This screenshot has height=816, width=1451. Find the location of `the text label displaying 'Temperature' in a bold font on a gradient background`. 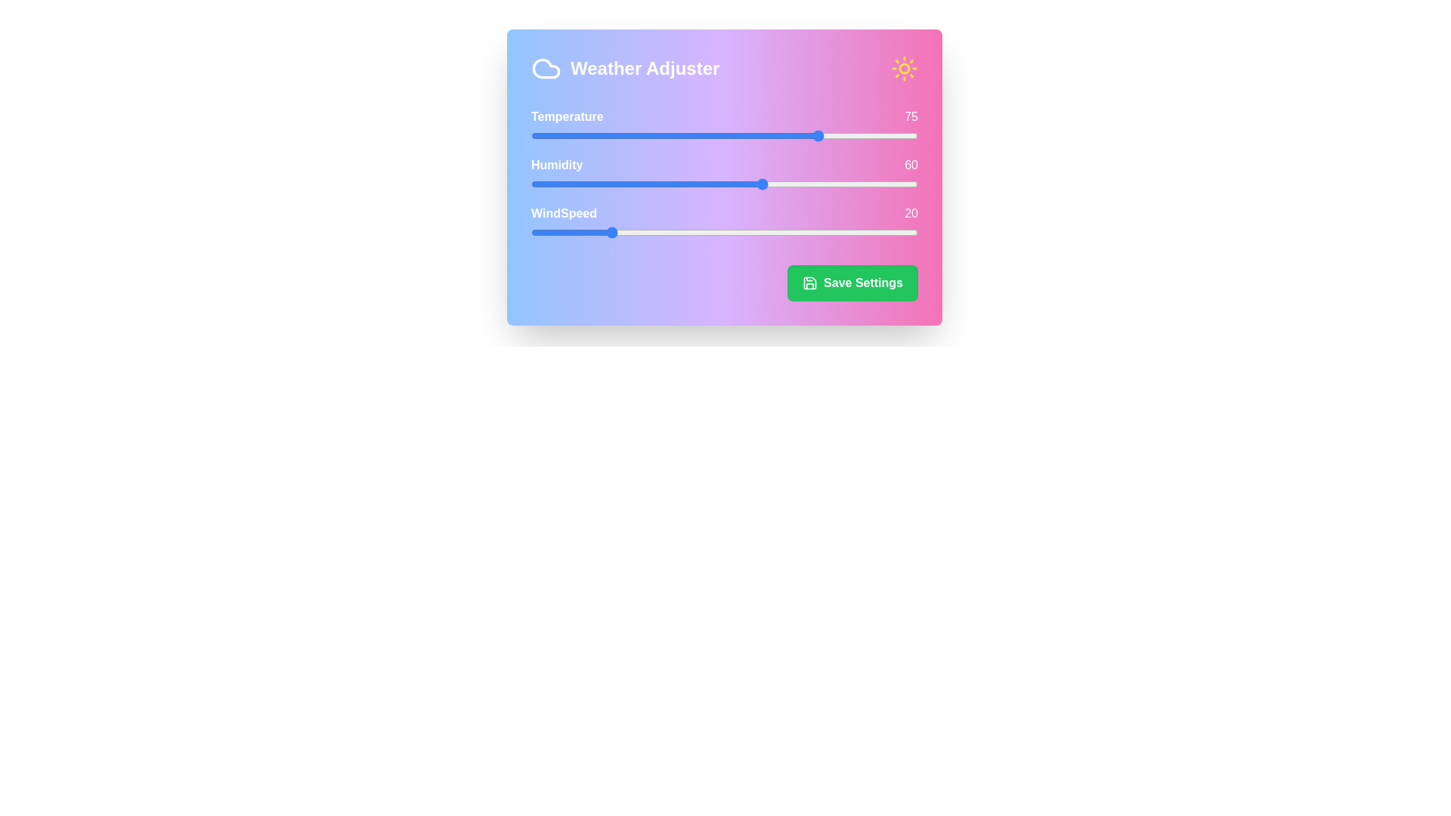

the text label displaying 'Temperature' in a bold font on a gradient background is located at coordinates (566, 116).